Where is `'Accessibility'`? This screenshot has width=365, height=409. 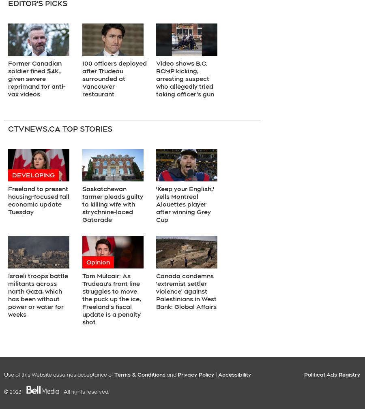
'Accessibility' is located at coordinates (234, 374).